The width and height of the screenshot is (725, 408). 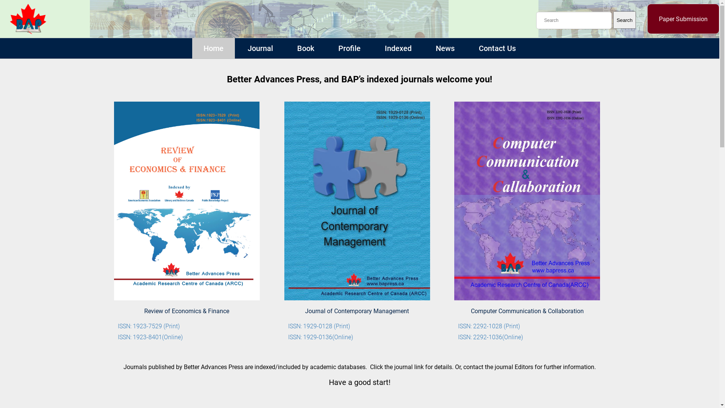 I want to click on 'BAP', so click(x=28, y=19).